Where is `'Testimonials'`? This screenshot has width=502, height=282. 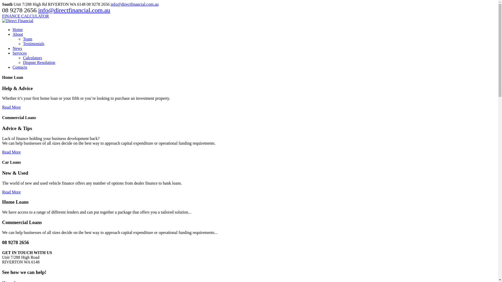
'Testimonials' is located at coordinates (33, 43).